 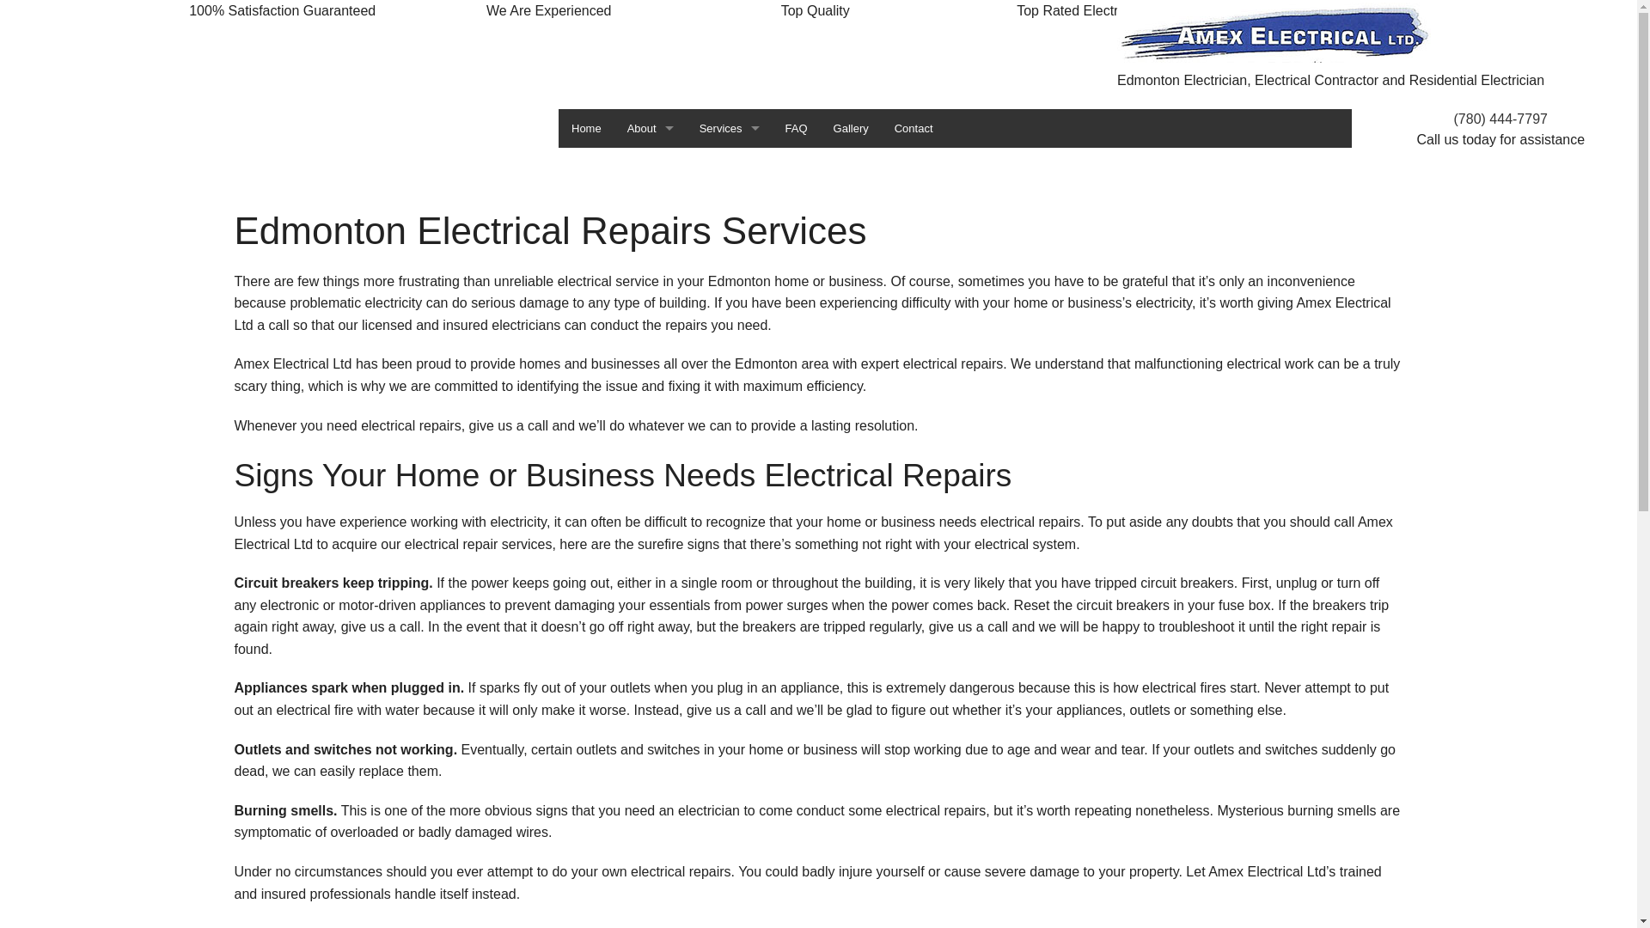 What do you see at coordinates (730, 205) in the screenshot?
I see `'Electrical Inspections'` at bounding box center [730, 205].